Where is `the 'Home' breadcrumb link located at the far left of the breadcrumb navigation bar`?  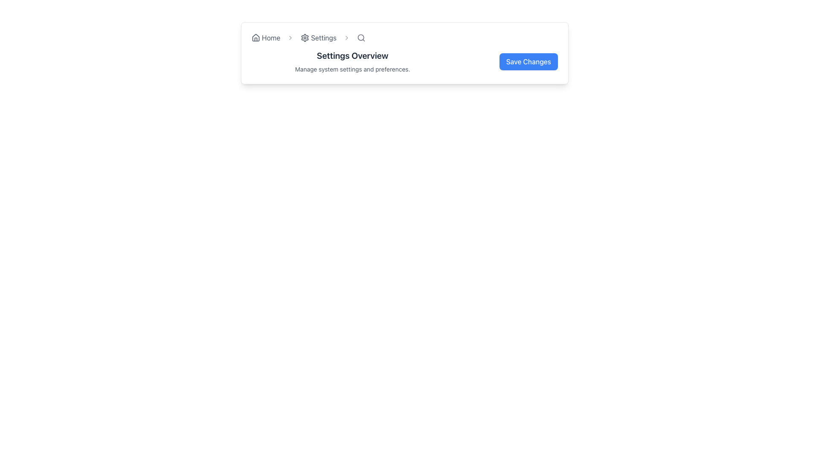 the 'Home' breadcrumb link located at the far left of the breadcrumb navigation bar is located at coordinates (265, 37).